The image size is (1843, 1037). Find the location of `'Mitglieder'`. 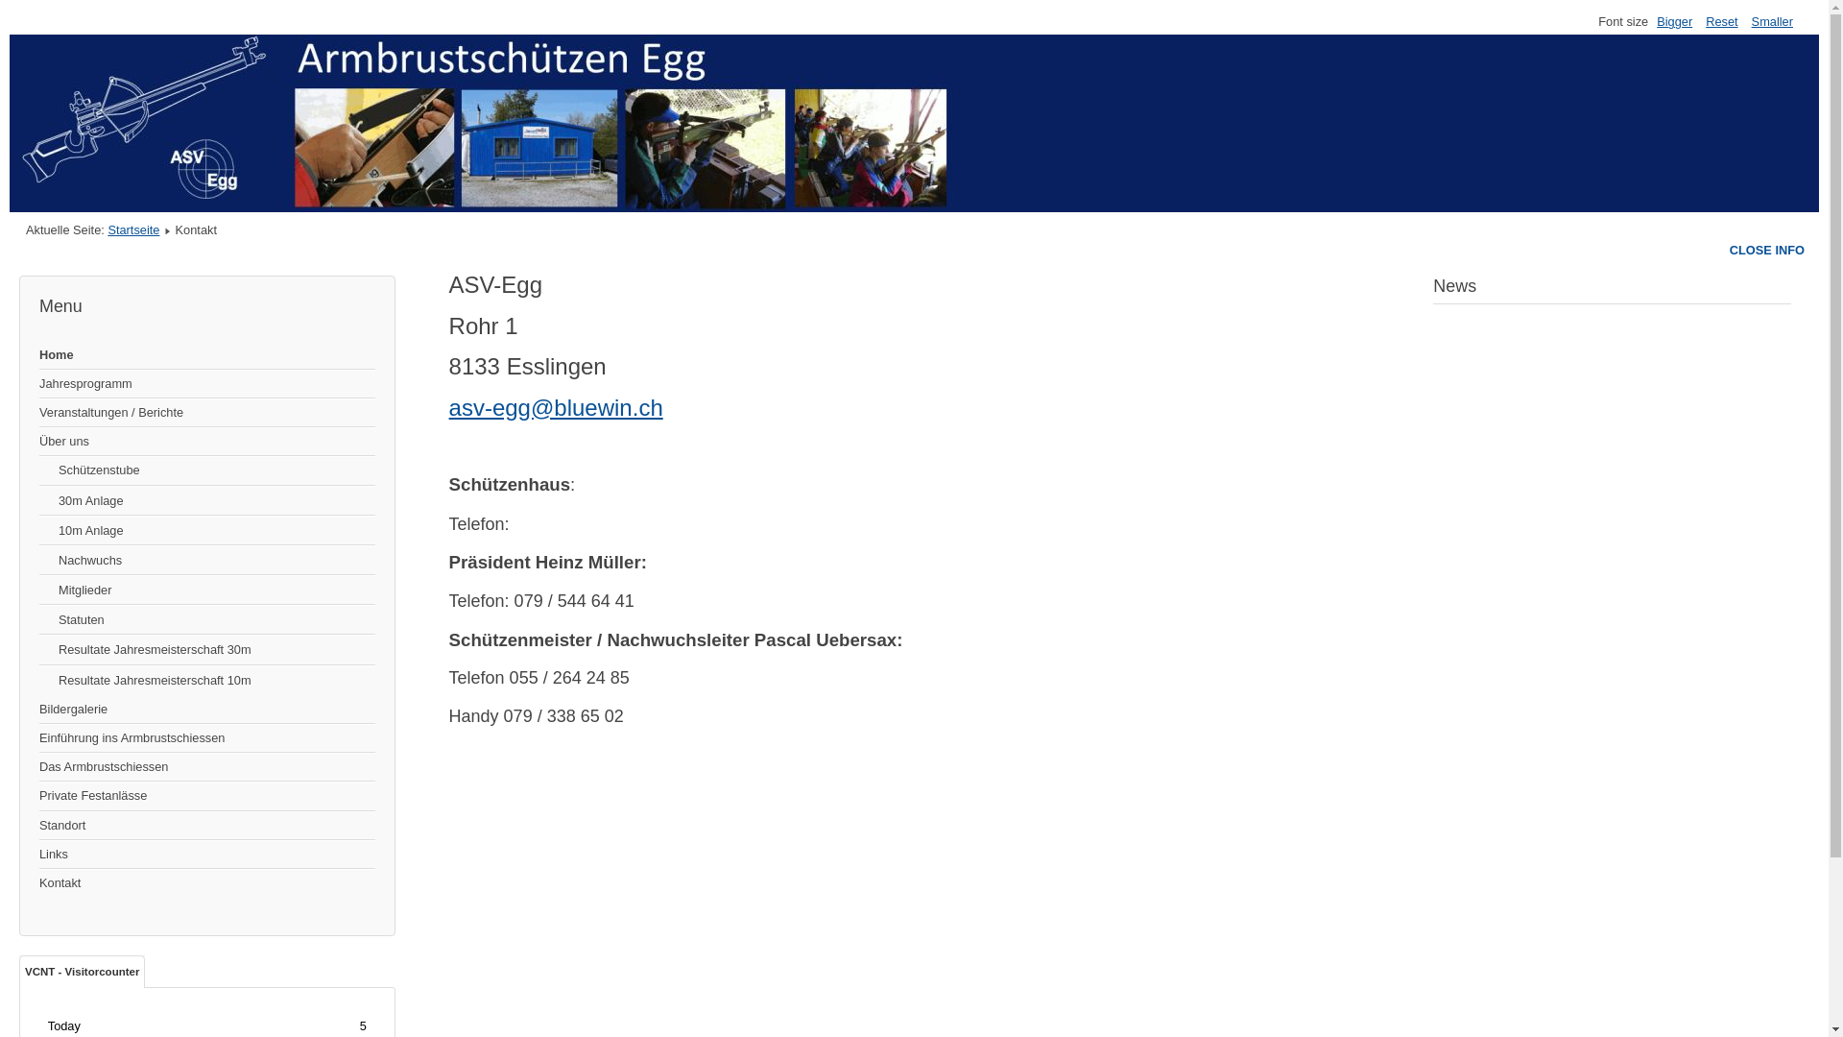

'Mitglieder' is located at coordinates (207, 589).